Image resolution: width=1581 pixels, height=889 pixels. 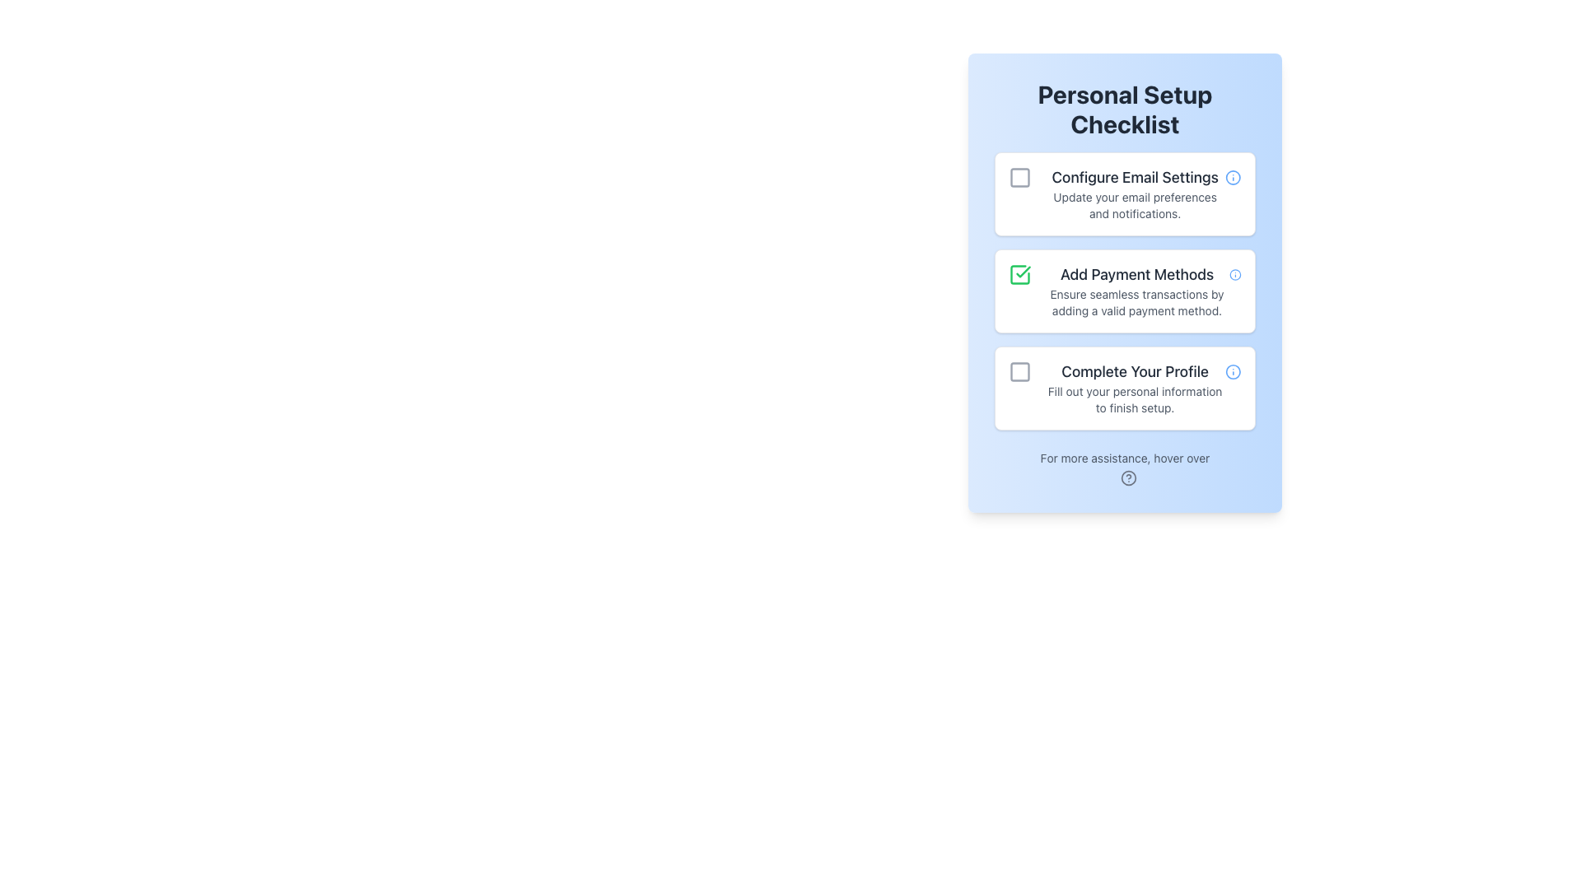 What do you see at coordinates (1019, 371) in the screenshot?
I see `the checkbox element, which is a light gray square outline with rounded corners` at bounding box center [1019, 371].